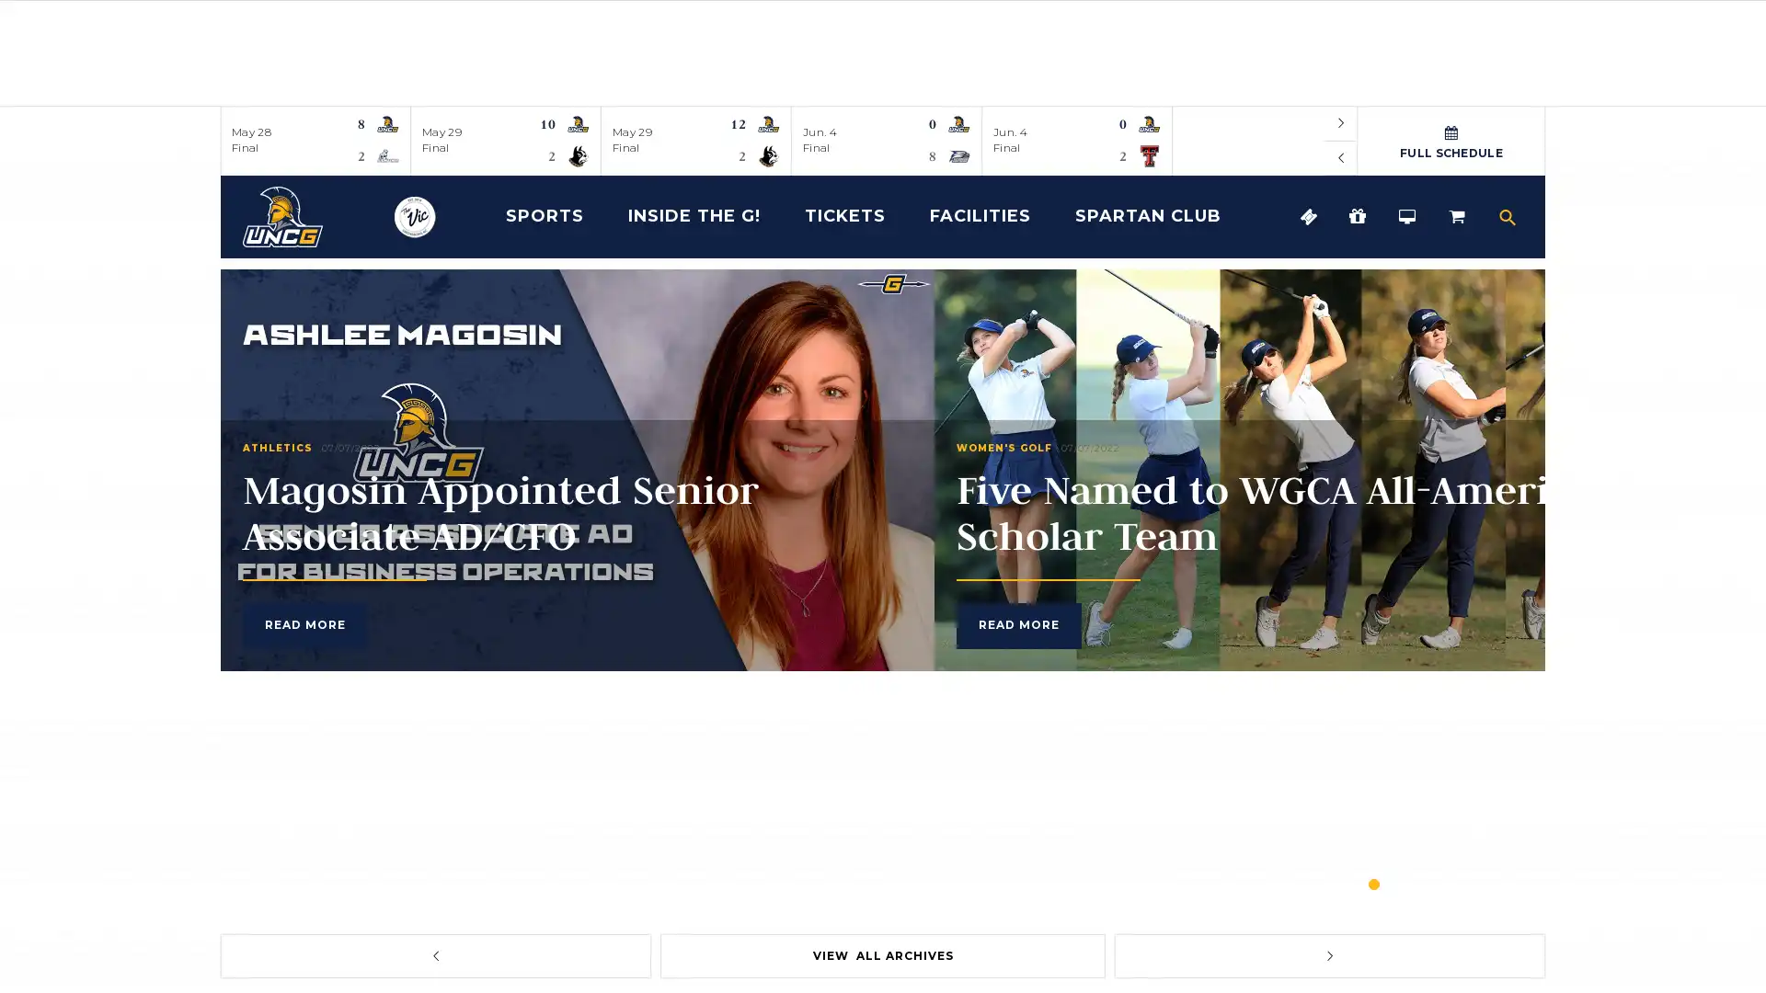 The height and width of the screenshot is (993, 1766). I want to click on previous, so click(1341, 157).